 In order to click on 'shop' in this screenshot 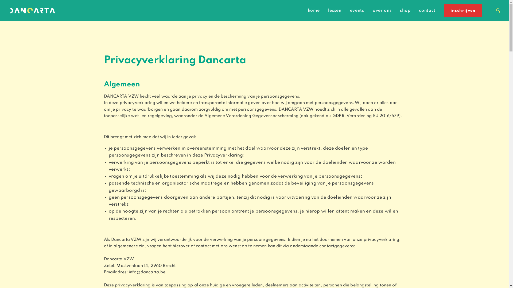, I will do `click(405, 10)`.